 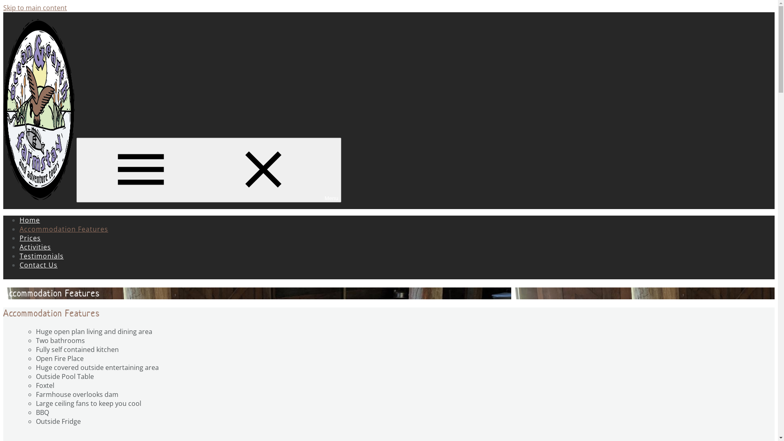 What do you see at coordinates (35, 8) in the screenshot?
I see `'Skip to main content'` at bounding box center [35, 8].